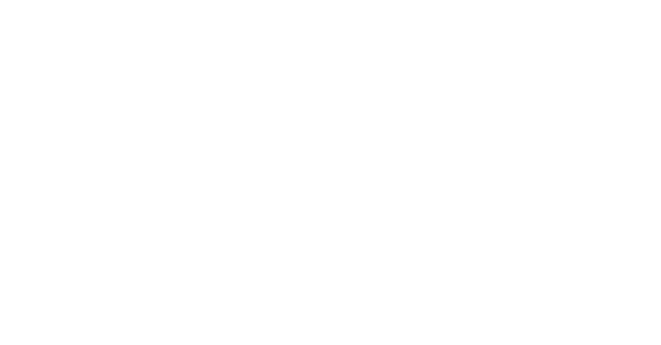  What do you see at coordinates (31, 187) in the screenshot?
I see `'Impressum'` at bounding box center [31, 187].